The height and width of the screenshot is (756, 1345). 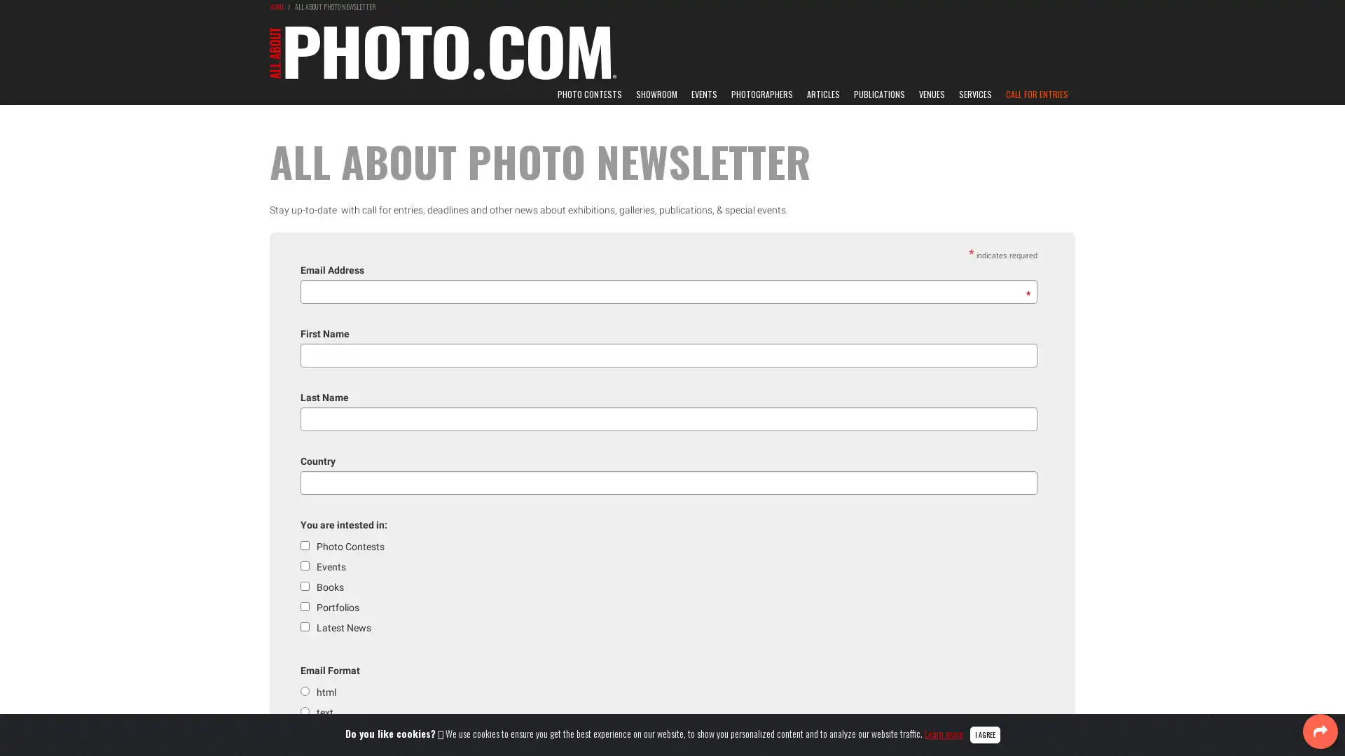 I want to click on SHOWROOM, so click(x=656, y=94).